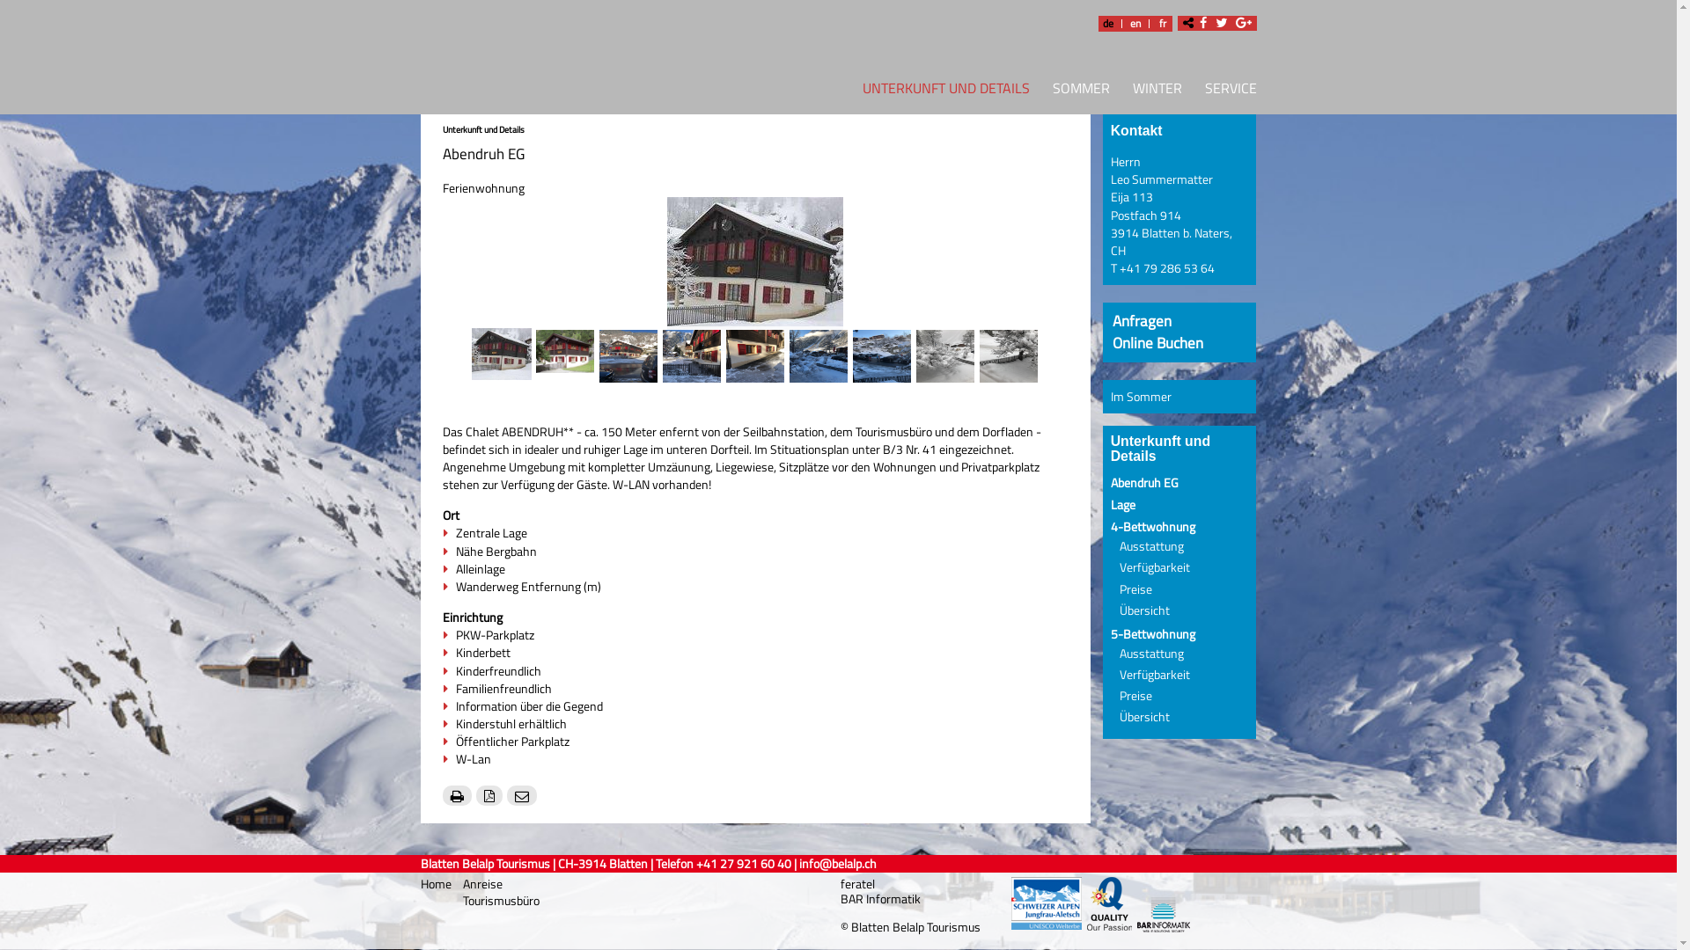 The image size is (1690, 950). Describe the element at coordinates (482, 883) in the screenshot. I see `'Anreise'` at that location.